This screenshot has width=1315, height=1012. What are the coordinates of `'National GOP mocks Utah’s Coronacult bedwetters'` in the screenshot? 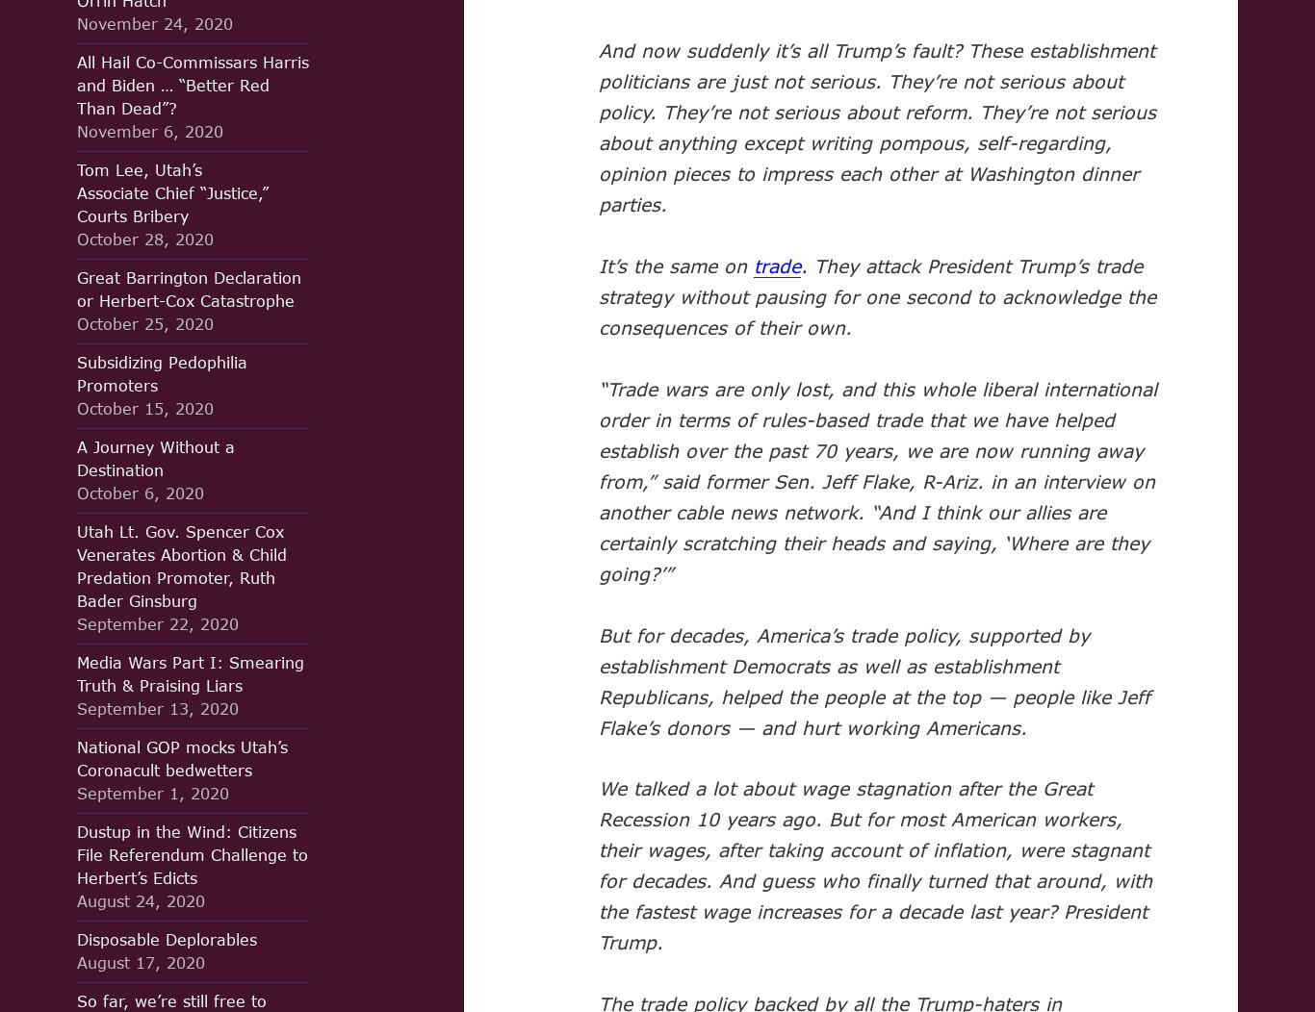 It's located at (181, 757).